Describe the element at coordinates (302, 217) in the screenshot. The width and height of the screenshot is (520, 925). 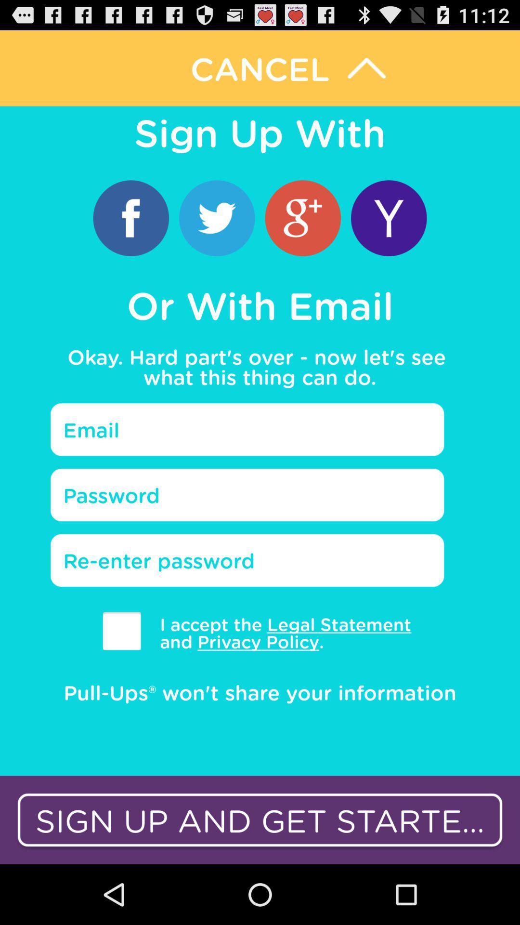
I see `sign up with google+` at that location.